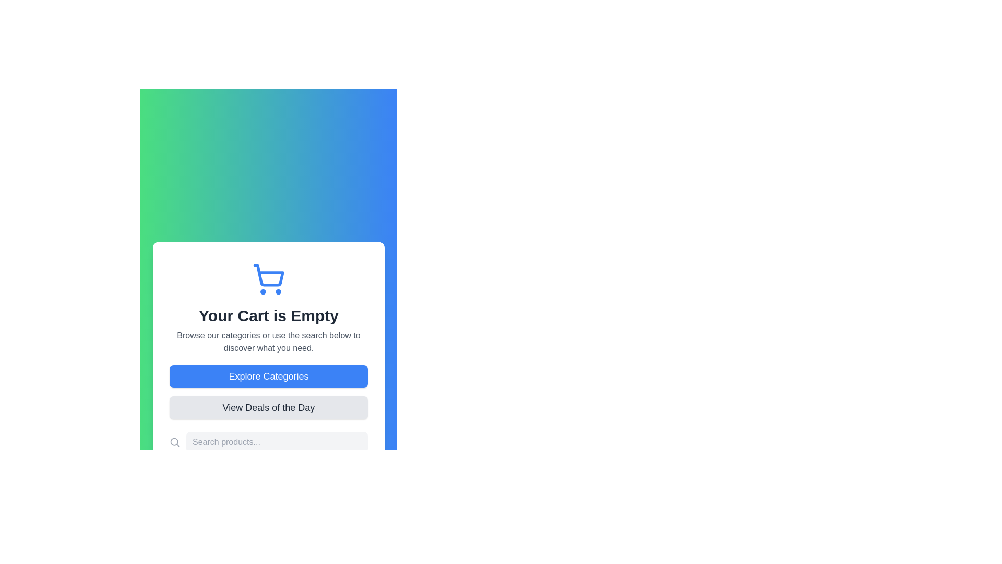 The width and height of the screenshot is (1002, 564). What do you see at coordinates (268, 377) in the screenshot?
I see `the large rounded rectangular blue button labeled 'Explore Categories'` at bounding box center [268, 377].